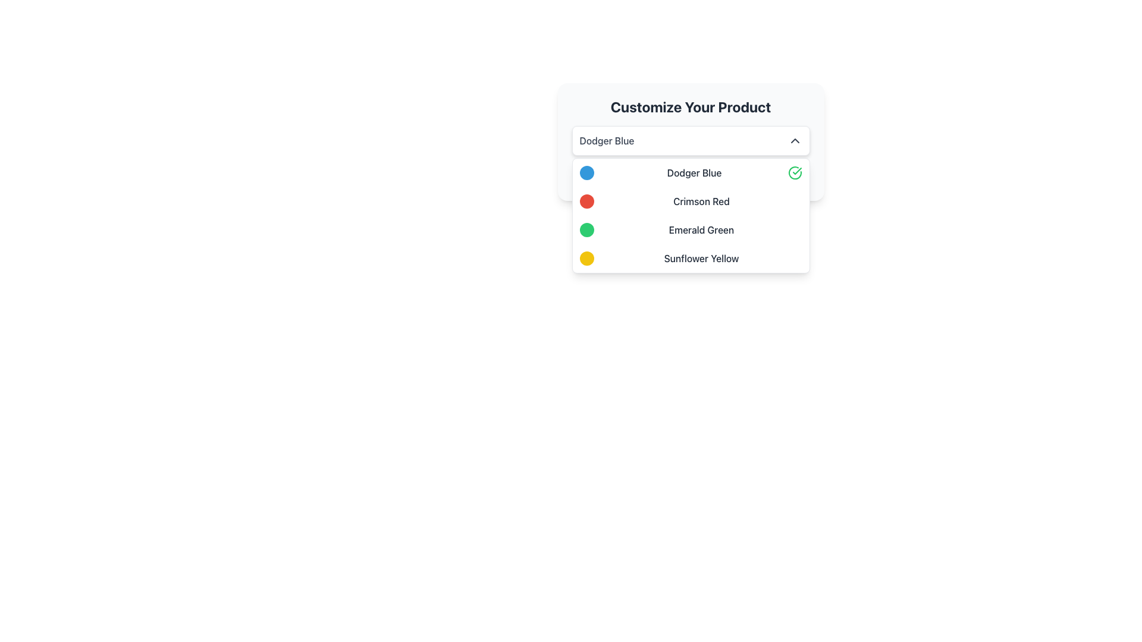 The height and width of the screenshot is (642, 1142). What do you see at coordinates (691, 215) in the screenshot?
I see `the dropdown menu` at bounding box center [691, 215].